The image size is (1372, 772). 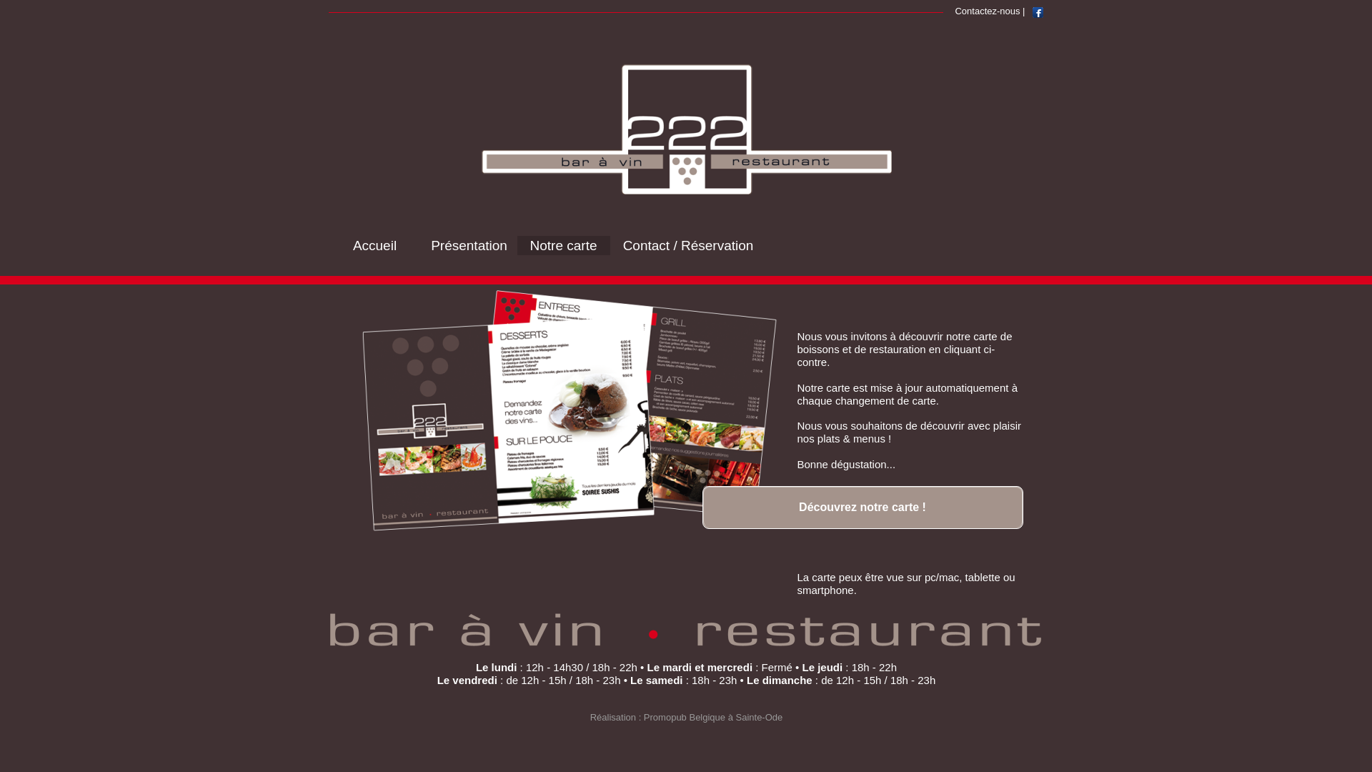 I want to click on 'Contactez-nous', so click(x=986, y=10).